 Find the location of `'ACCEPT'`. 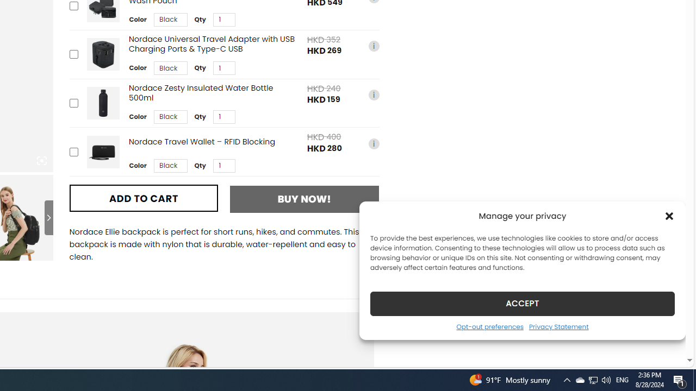

'ACCEPT' is located at coordinates (523, 303).